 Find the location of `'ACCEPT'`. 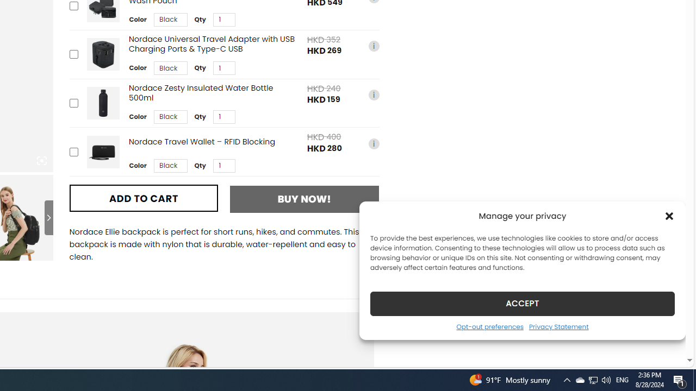

'ACCEPT' is located at coordinates (523, 303).